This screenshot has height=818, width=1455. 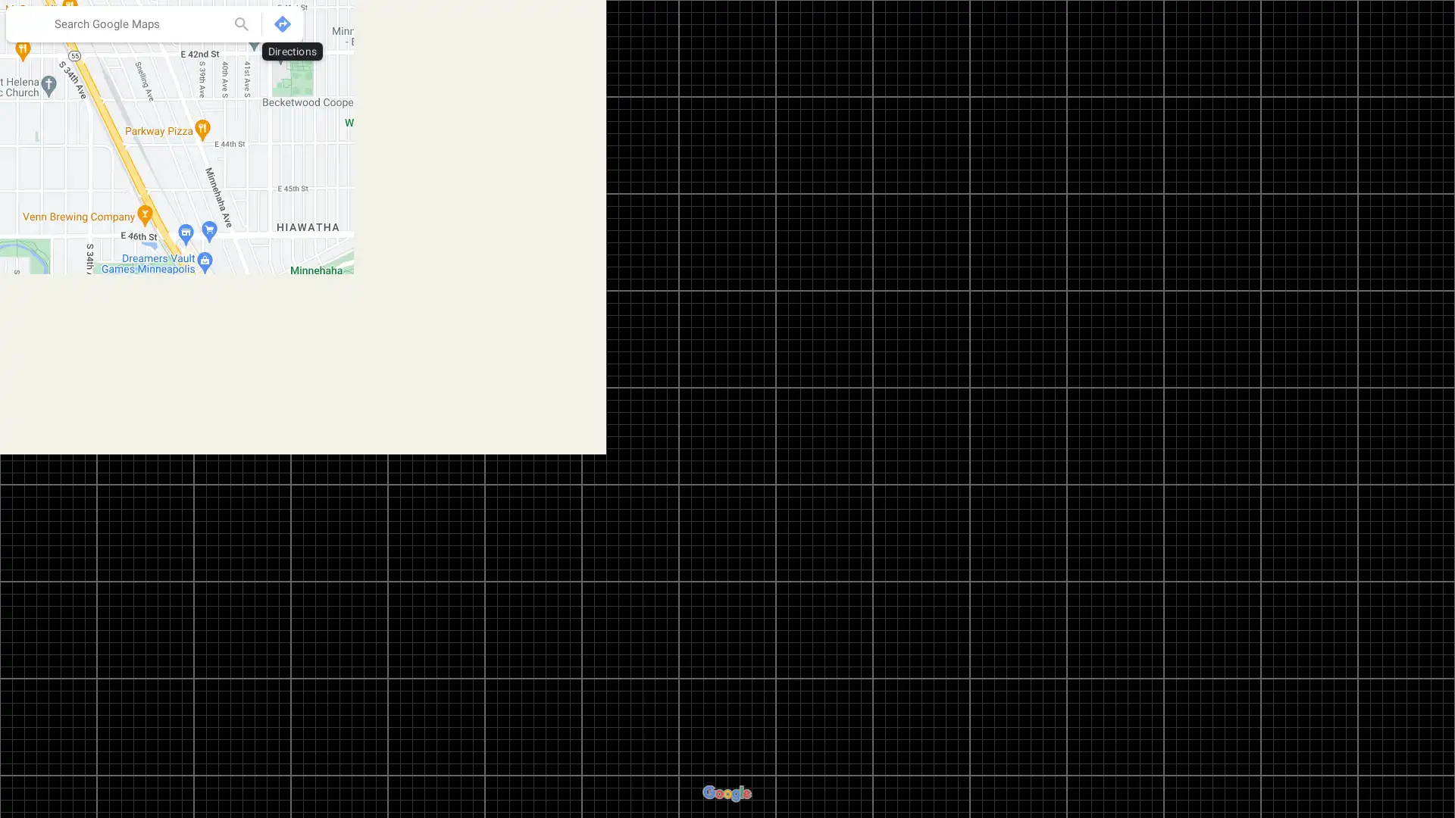 What do you see at coordinates (27, 26) in the screenshot?
I see `Menu` at bounding box center [27, 26].